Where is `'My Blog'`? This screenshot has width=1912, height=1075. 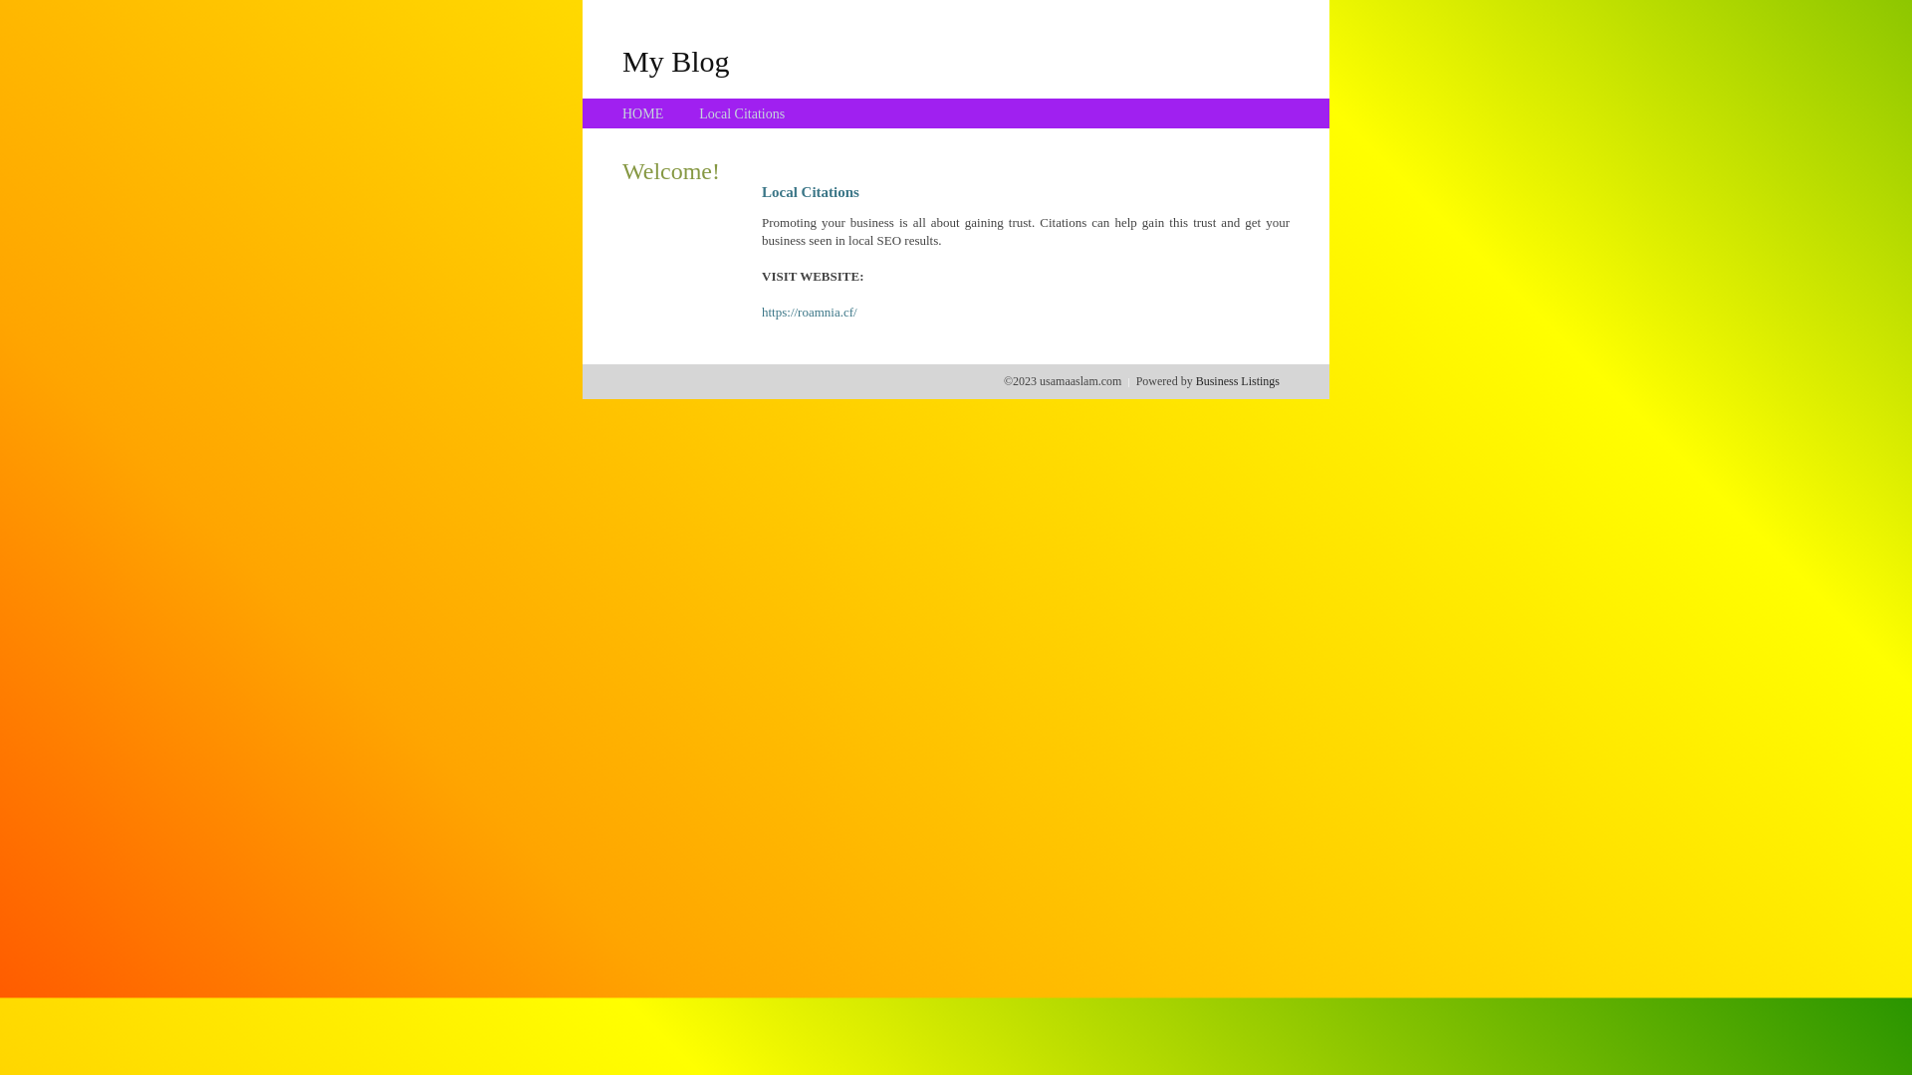 'My Blog' is located at coordinates (620, 60).